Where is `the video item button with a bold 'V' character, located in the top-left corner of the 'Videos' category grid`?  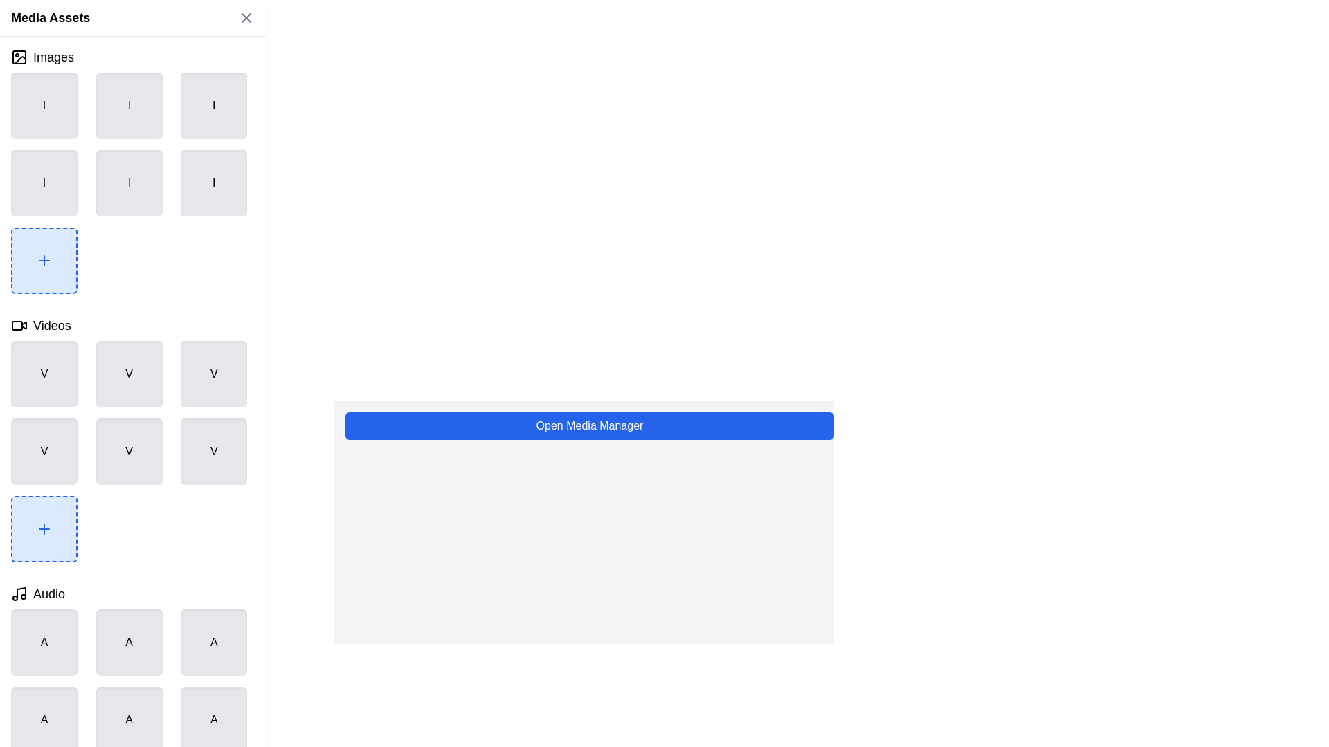
the video item button with a bold 'V' character, located in the top-left corner of the 'Videos' category grid is located at coordinates (44, 373).